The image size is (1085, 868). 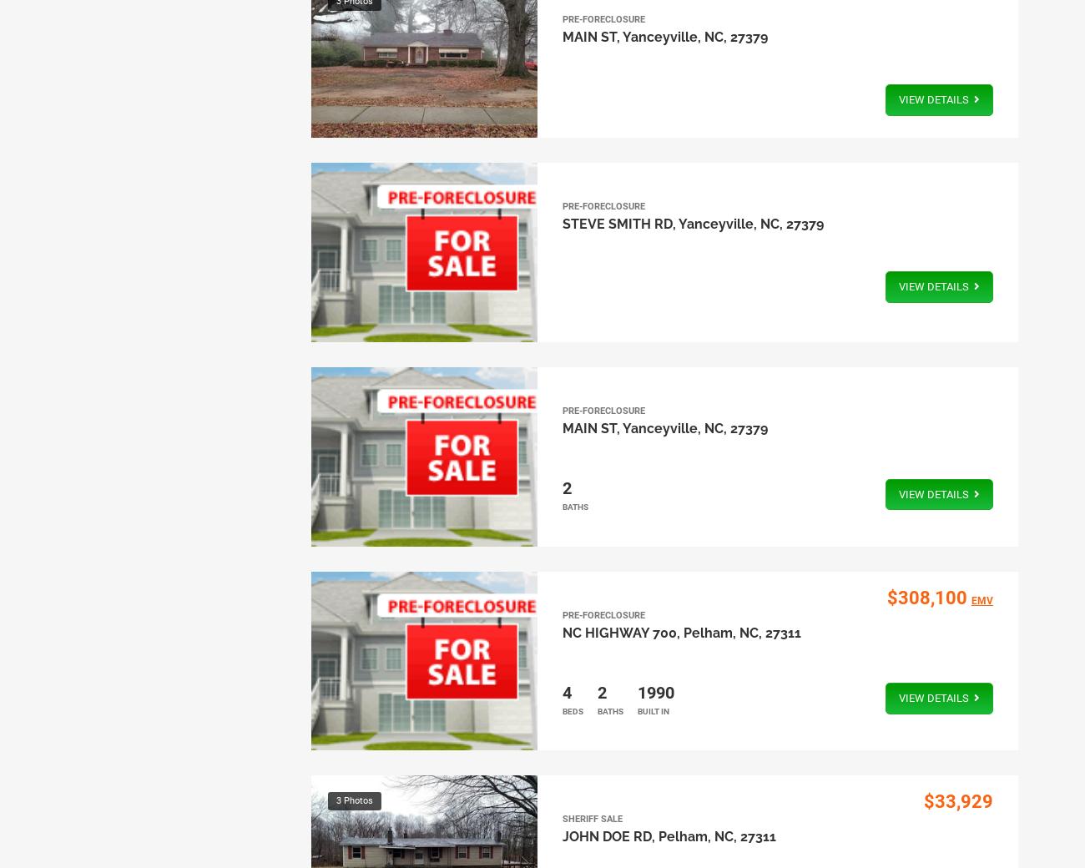 What do you see at coordinates (925, 597) in the screenshot?
I see `'$308,100'` at bounding box center [925, 597].